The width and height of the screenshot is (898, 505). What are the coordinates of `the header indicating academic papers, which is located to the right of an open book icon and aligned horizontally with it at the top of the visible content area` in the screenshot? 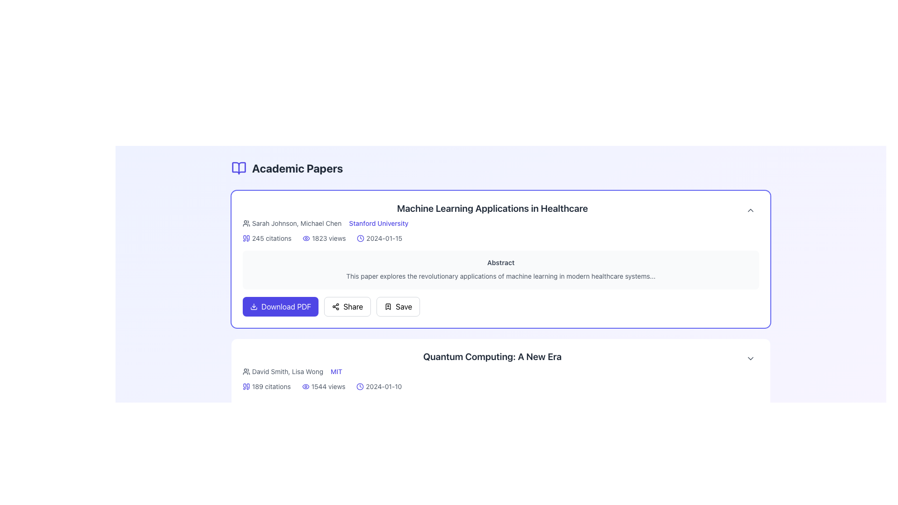 It's located at (297, 167).